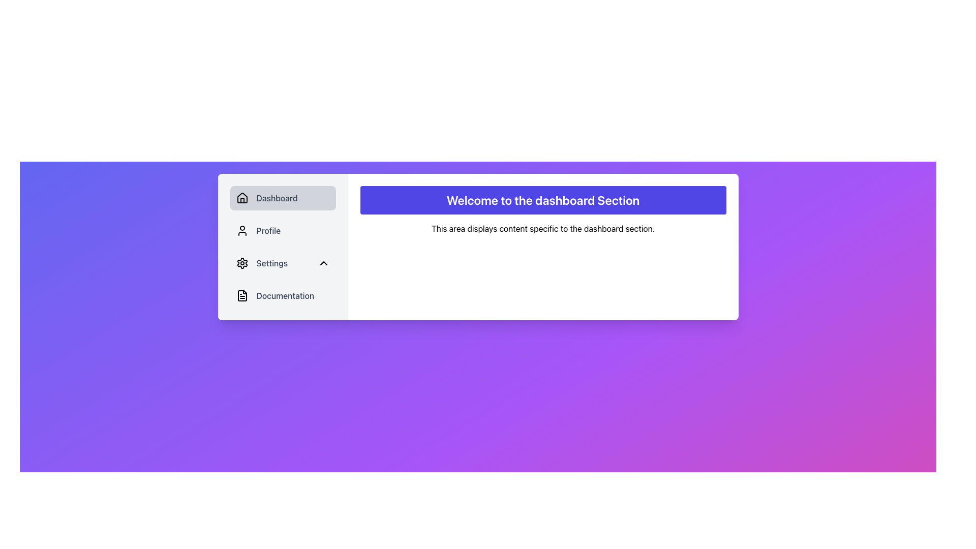 This screenshot has height=549, width=976. What do you see at coordinates (241, 198) in the screenshot?
I see `the stylized house icon in the sidebar menu, which is located to the left of the 'Dashboard' label` at bounding box center [241, 198].